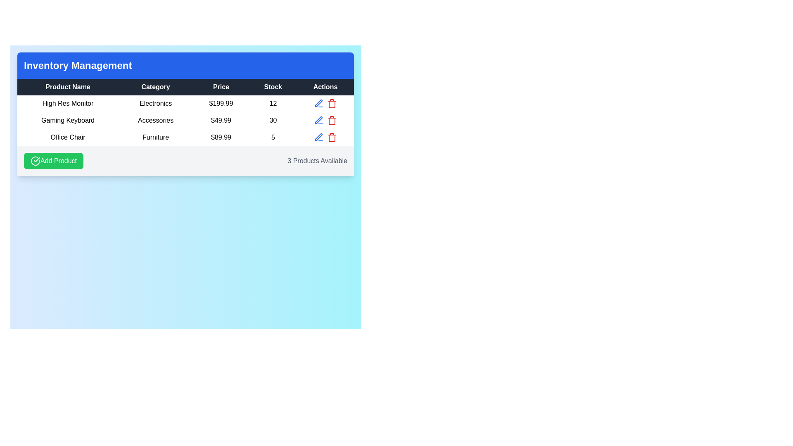  Describe the element at coordinates (221, 103) in the screenshot. I see `the price label displaying the cost of the product 'High Res Monitor' located in the first row of the data table under the 'Price' column` at that location.